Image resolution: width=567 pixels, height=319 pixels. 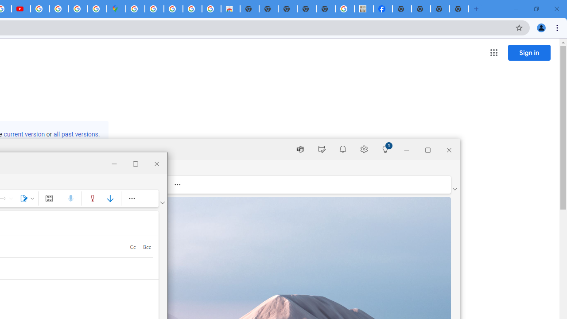 What do you see at coordinates (385, 148) in the screenshot?
I see `'Tips, 1 unread items'` at bounding box center [385, 148].